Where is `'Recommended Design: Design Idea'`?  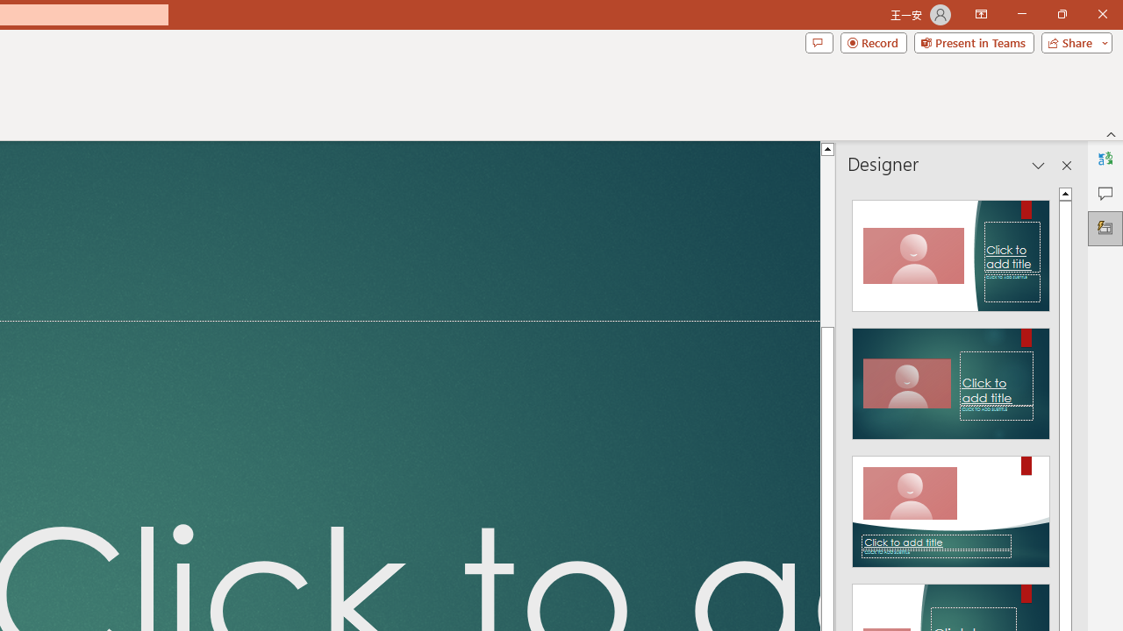
'Recommended Design: Design Idea' is located at coordinates (950, 251).